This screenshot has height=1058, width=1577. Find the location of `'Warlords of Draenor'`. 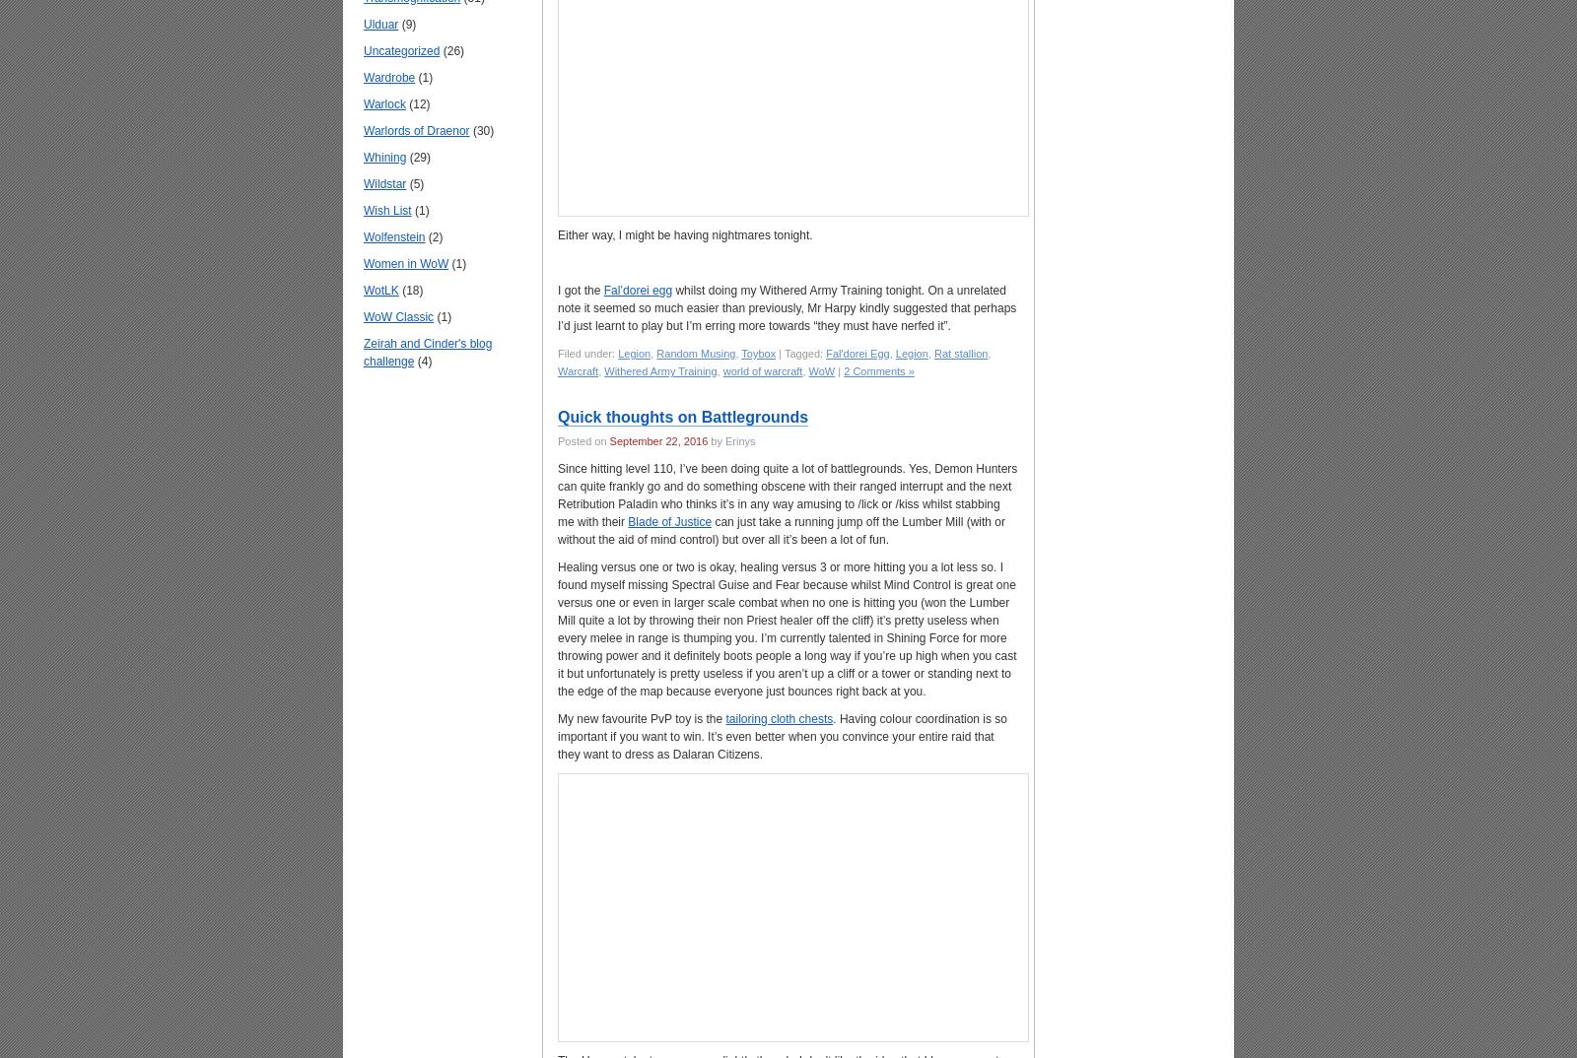

'Warlords of Draenor' is located at coordinates (415, 128).